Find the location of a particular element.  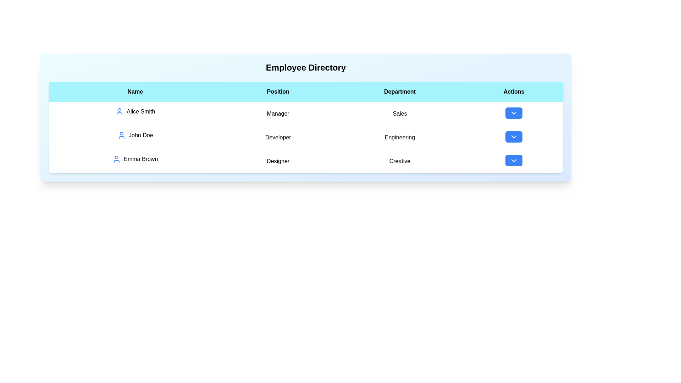

the chevron icon within the blue button in the 'Actions' column for 'John Doe' is located at coordinates (514, 137).